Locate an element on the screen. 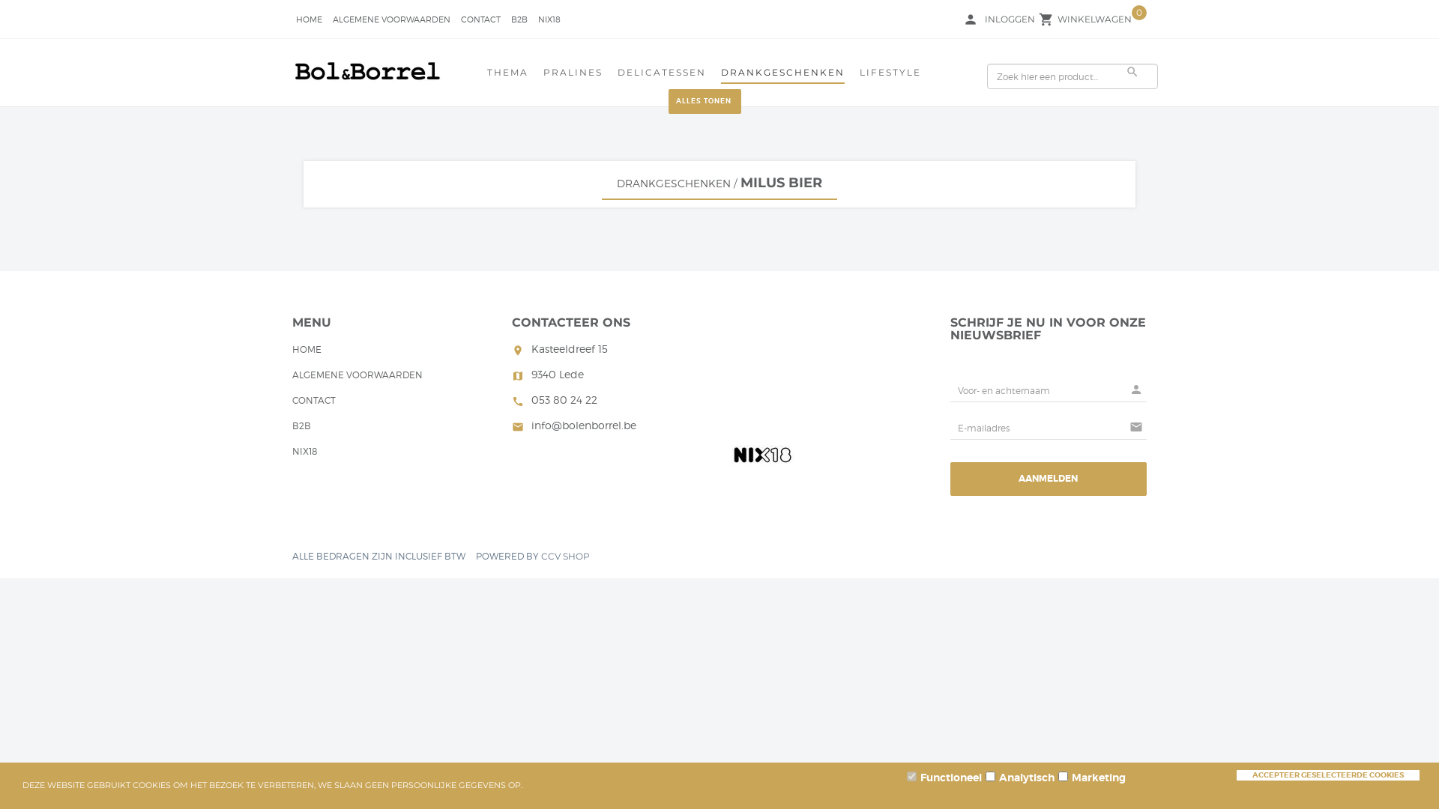 This screenshot has width=1439, height=809. 'WINKELWAGEN' is located at coordinates (1094, 21).